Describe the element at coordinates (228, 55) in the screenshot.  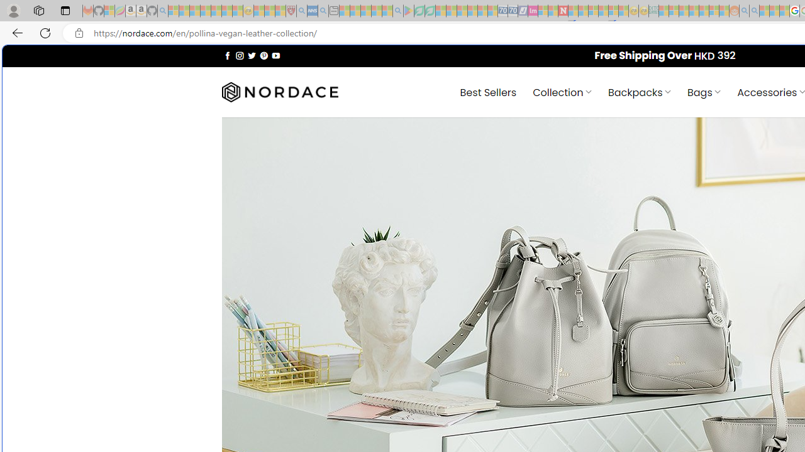
I see `'Follow on Facebook'` at that location.